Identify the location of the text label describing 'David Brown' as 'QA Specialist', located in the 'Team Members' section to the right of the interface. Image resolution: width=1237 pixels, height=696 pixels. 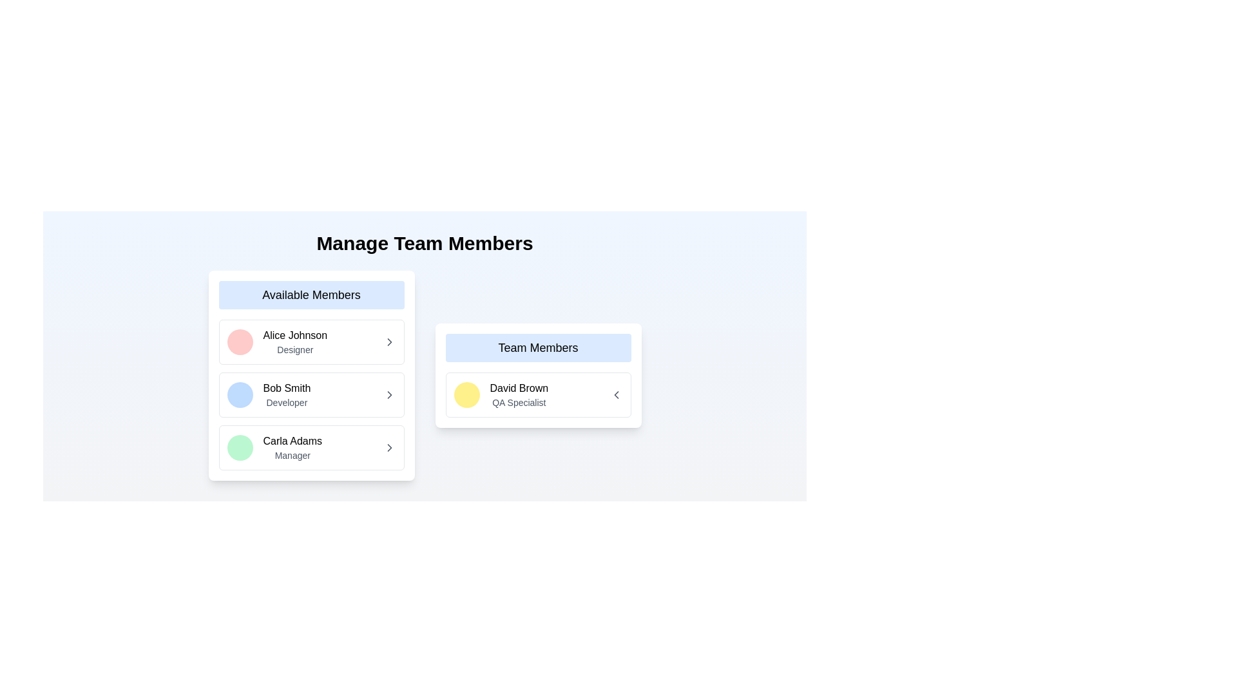
(519, 401).